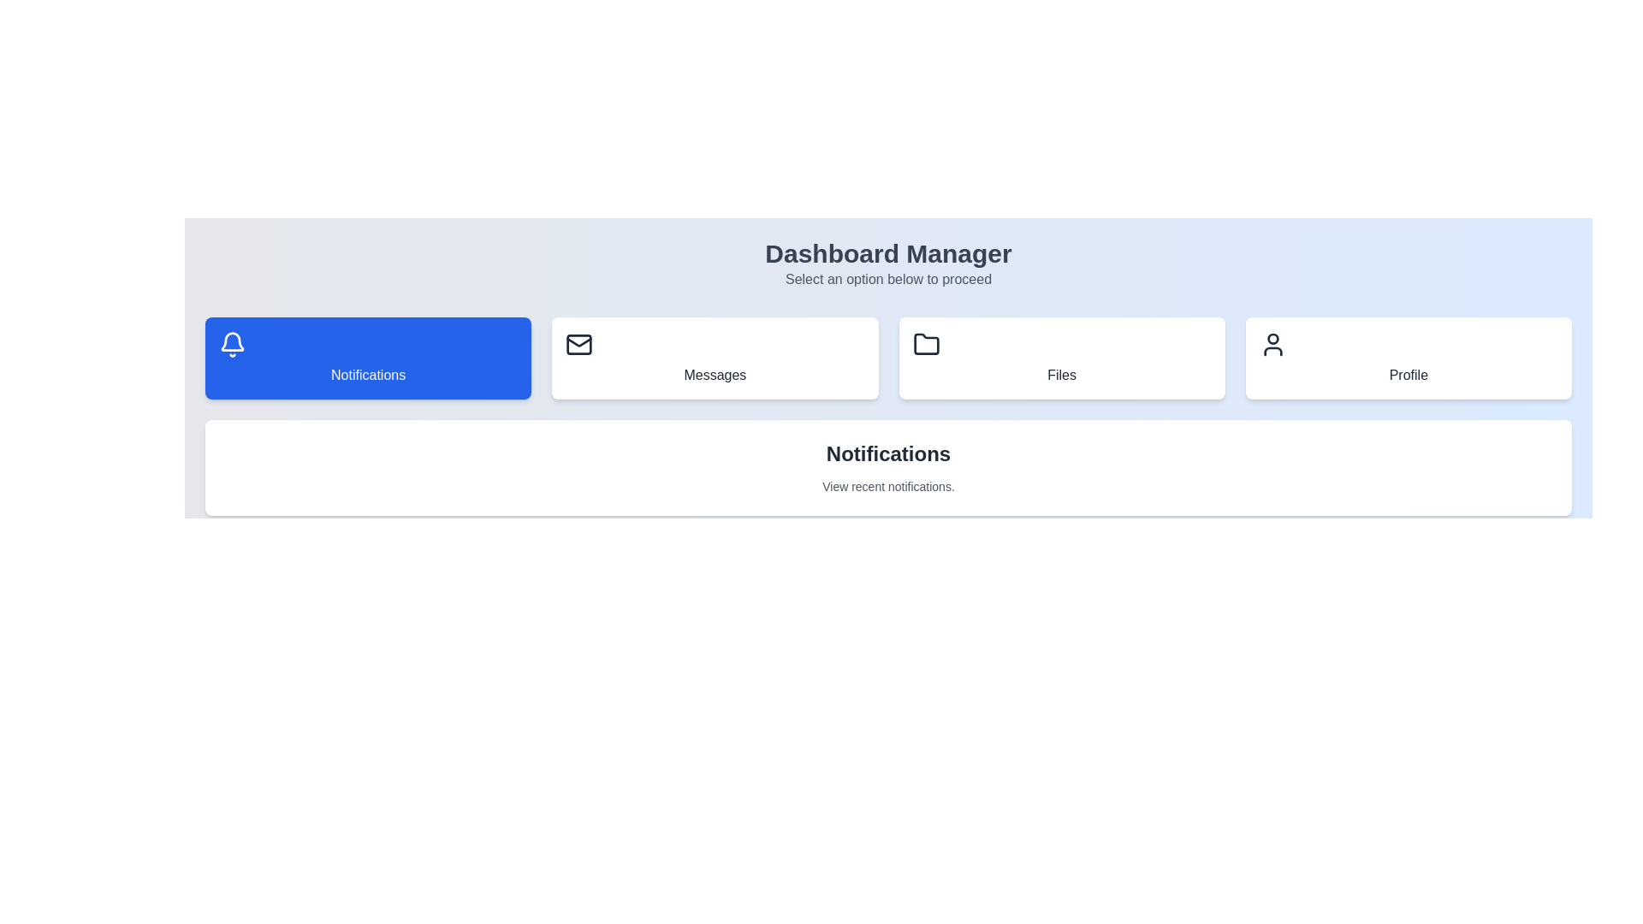 This screenshot has width=1643, height=924. Describe the element at coordinates (1272, 344) in the screenshot. I see `the user icon, which is a minimalistic dark gray or black silhouette of a head and shoulders located within the 'Profile' button, positioned above the 'Profile' text label` at that location.